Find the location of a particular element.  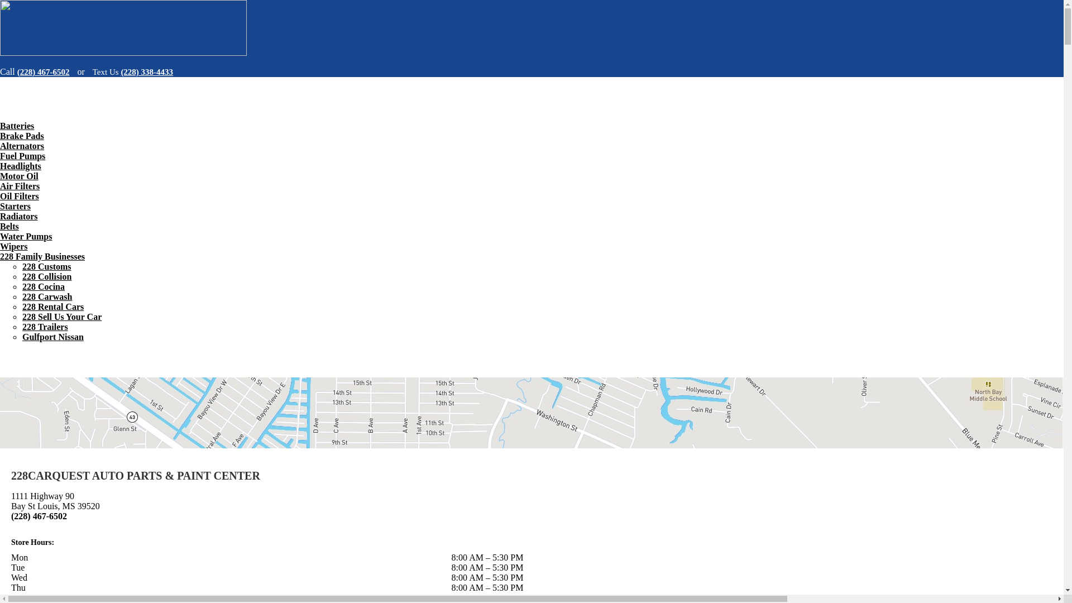

'Belts' is located at coordinates (9, 226).